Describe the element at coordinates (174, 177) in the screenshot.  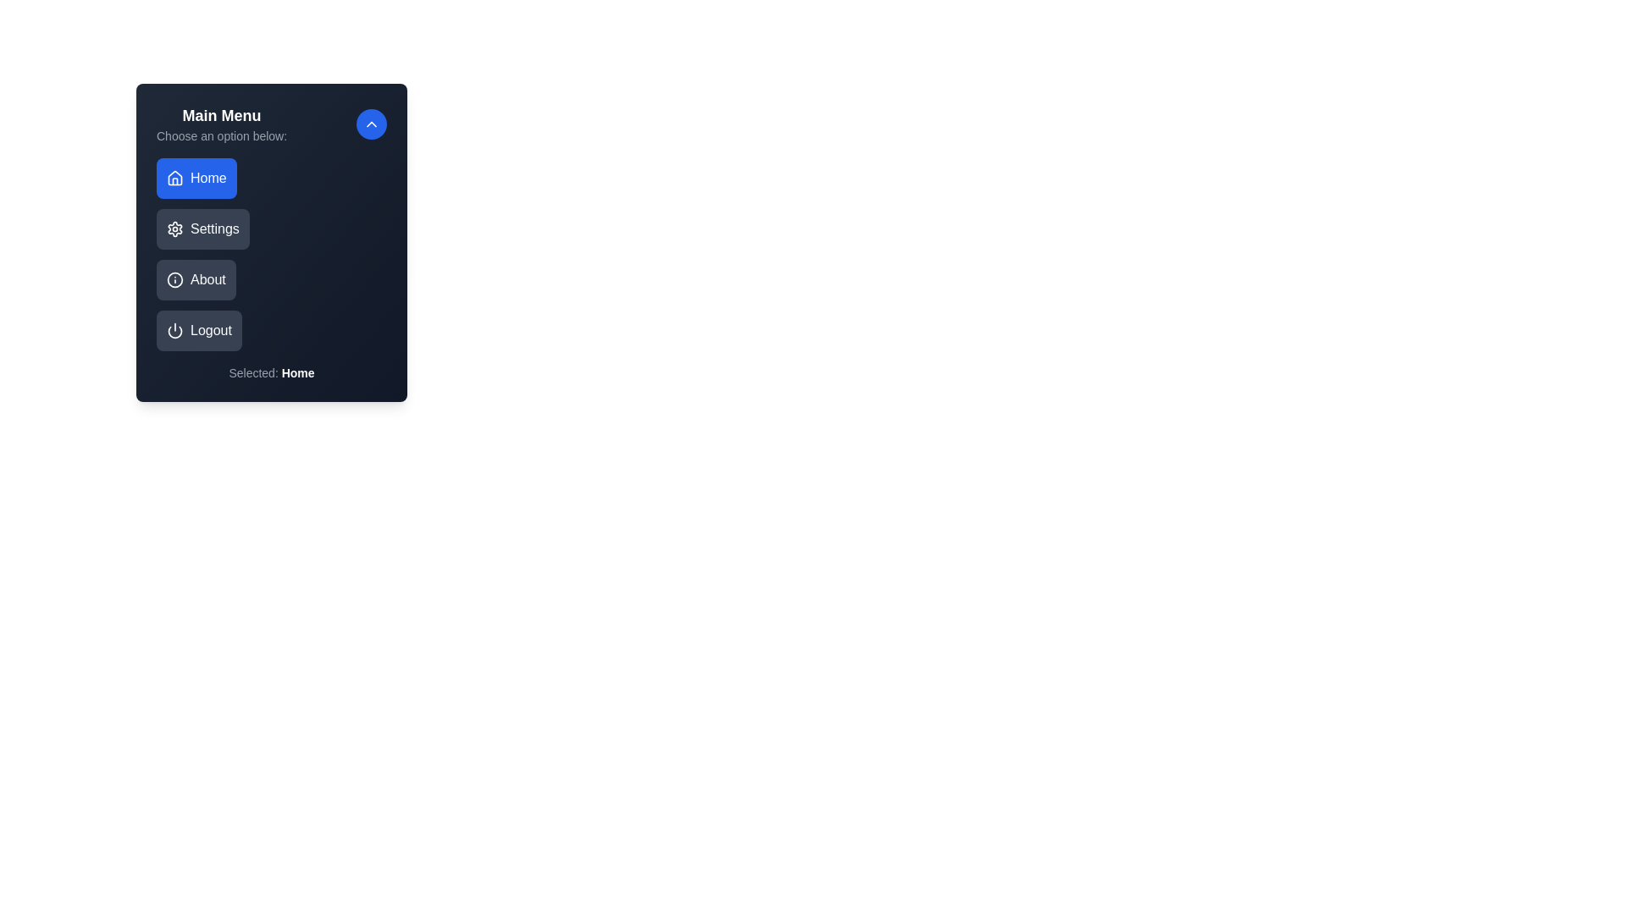
I see `the house-shaped icon associated with the 'Home' button located at the top-left area of the interface` at that location.